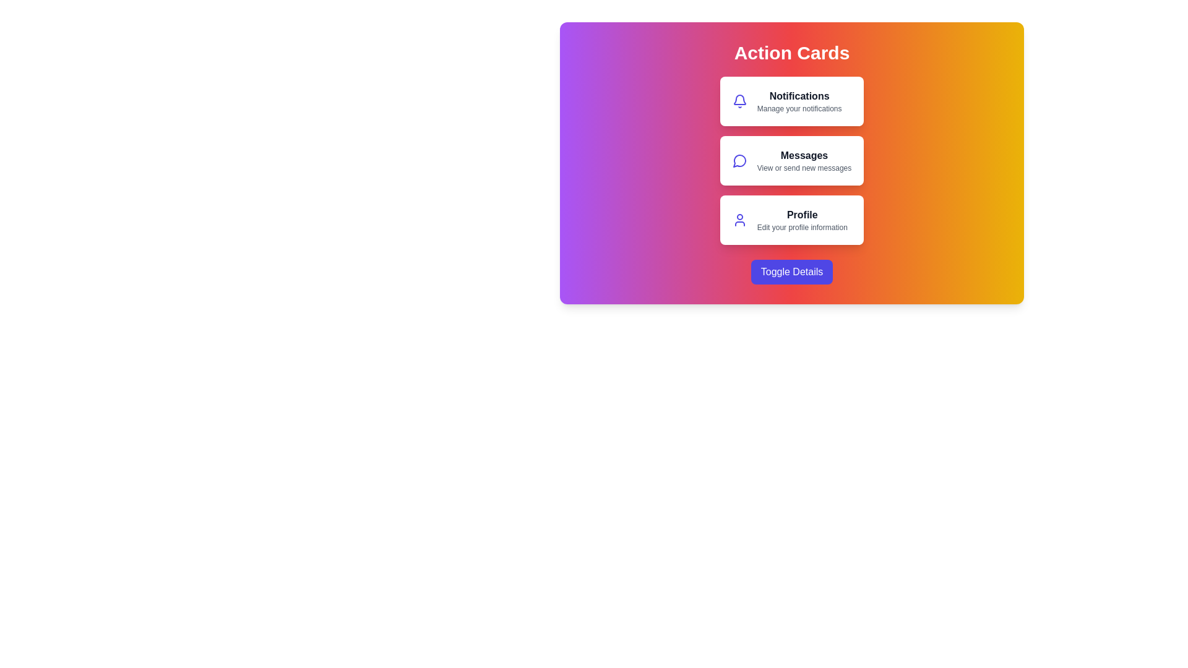 This screenshot has height=668, width=1188. I want to click on the circular speech bubble icon located on the left side of the 'Messages' action card, which is styled in medium blue and positioned adjacent to the label 'Messages', so click(739, 160).